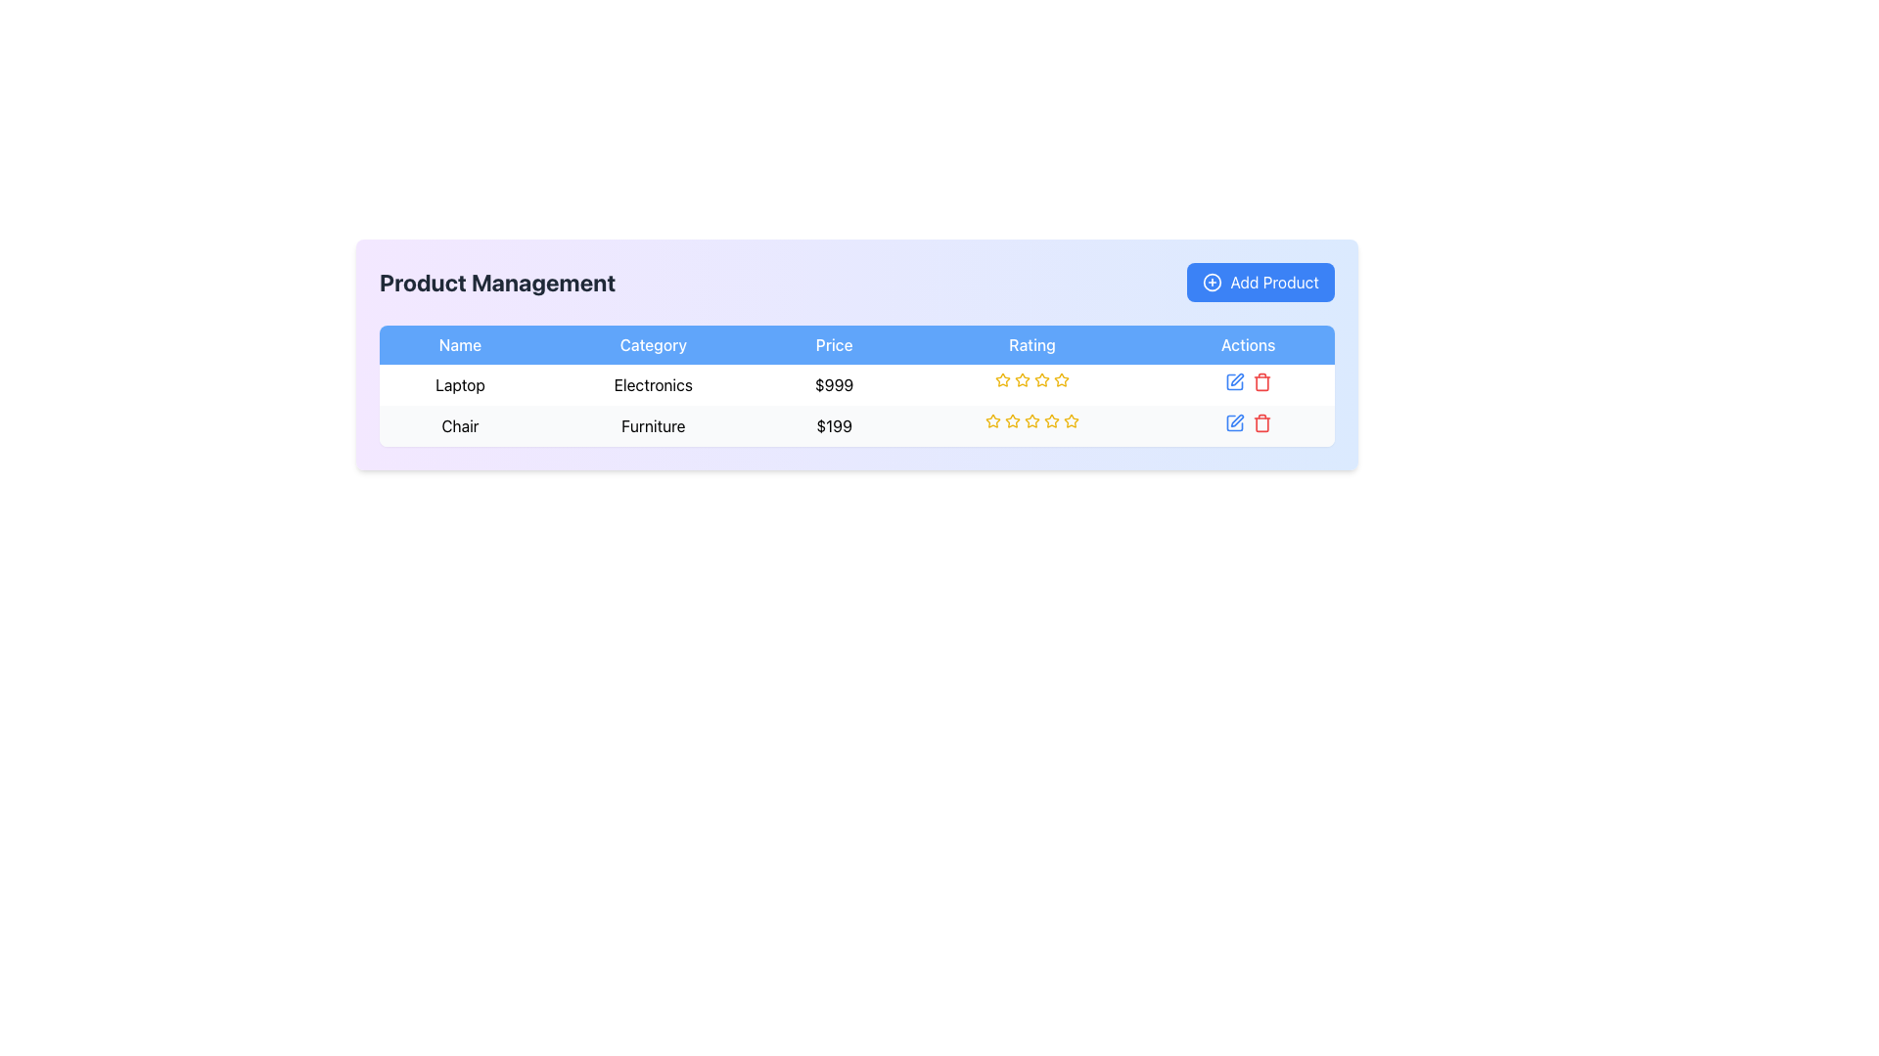 This screenshot has width=1879, height=1056. I want to click on the static text label displaying 'Chair' located in the second row and first column of the 'Product Management' table, so click(459, 424).